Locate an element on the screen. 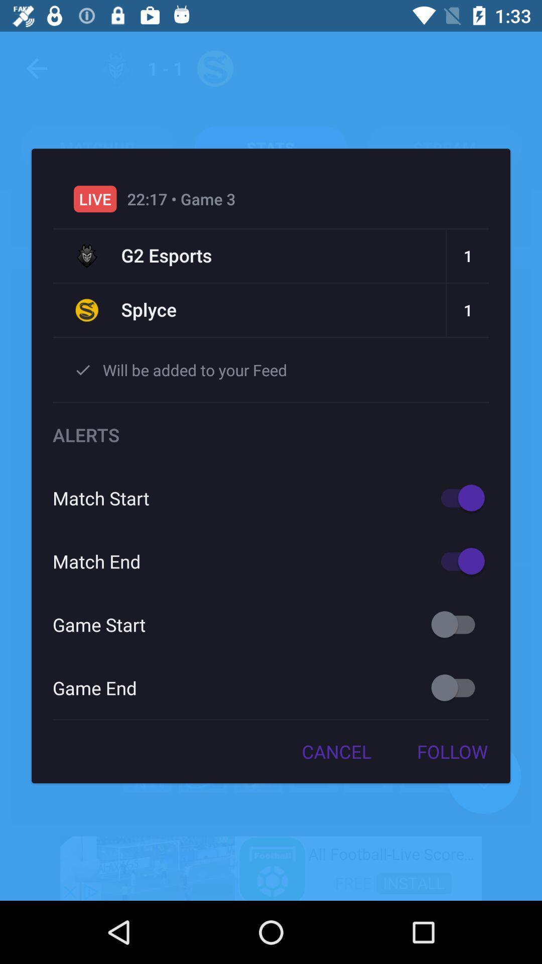 The image size is (542, 964). off button is located at coordinates (458, 624).